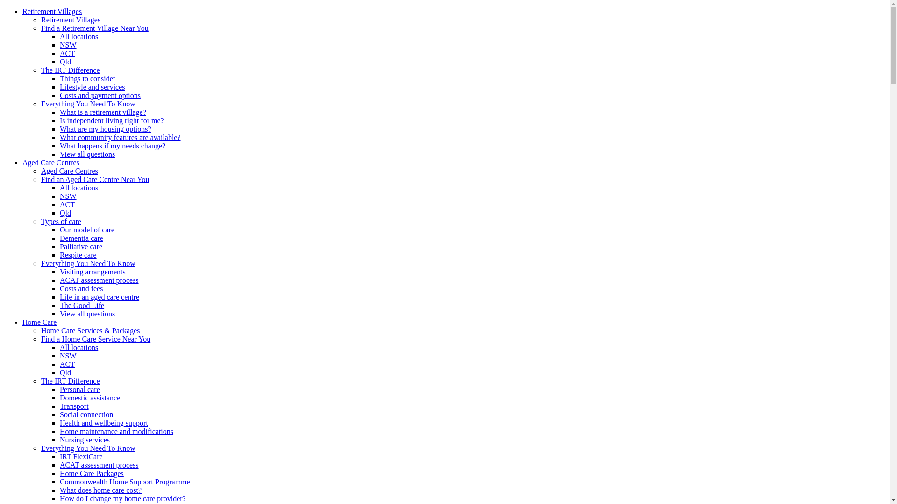 The image size is (897, 504). What do you see at coordinates (105, 129) in the screenshot?
I see `'What are my housing options?'` at bounding box center [105, 129].